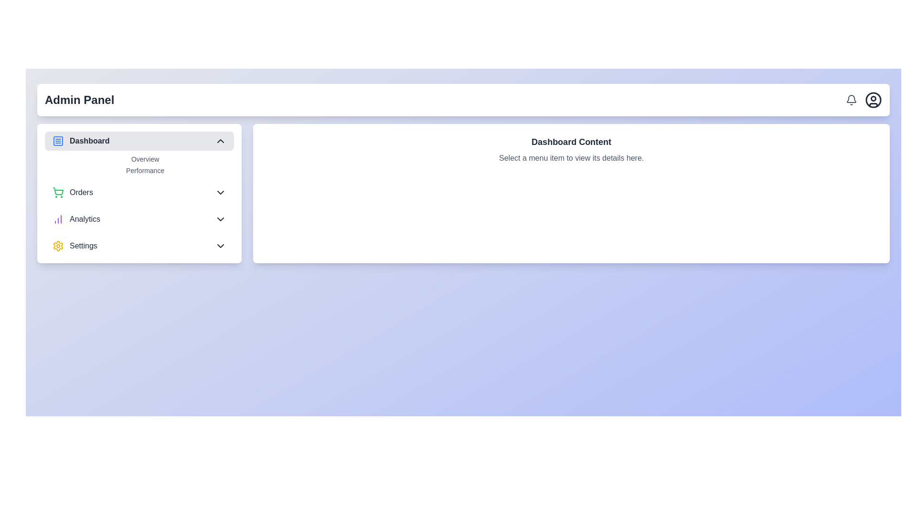 Image resolution: width=917 pixels, height=515 pixels. What do you see at coordinates (220, 219) in the screenshot?
I see `the downward-pointing chevron icon button located to the far-right of the 'Analytics' text in the left-hand navigation panel` at bounding box center [220, 219].